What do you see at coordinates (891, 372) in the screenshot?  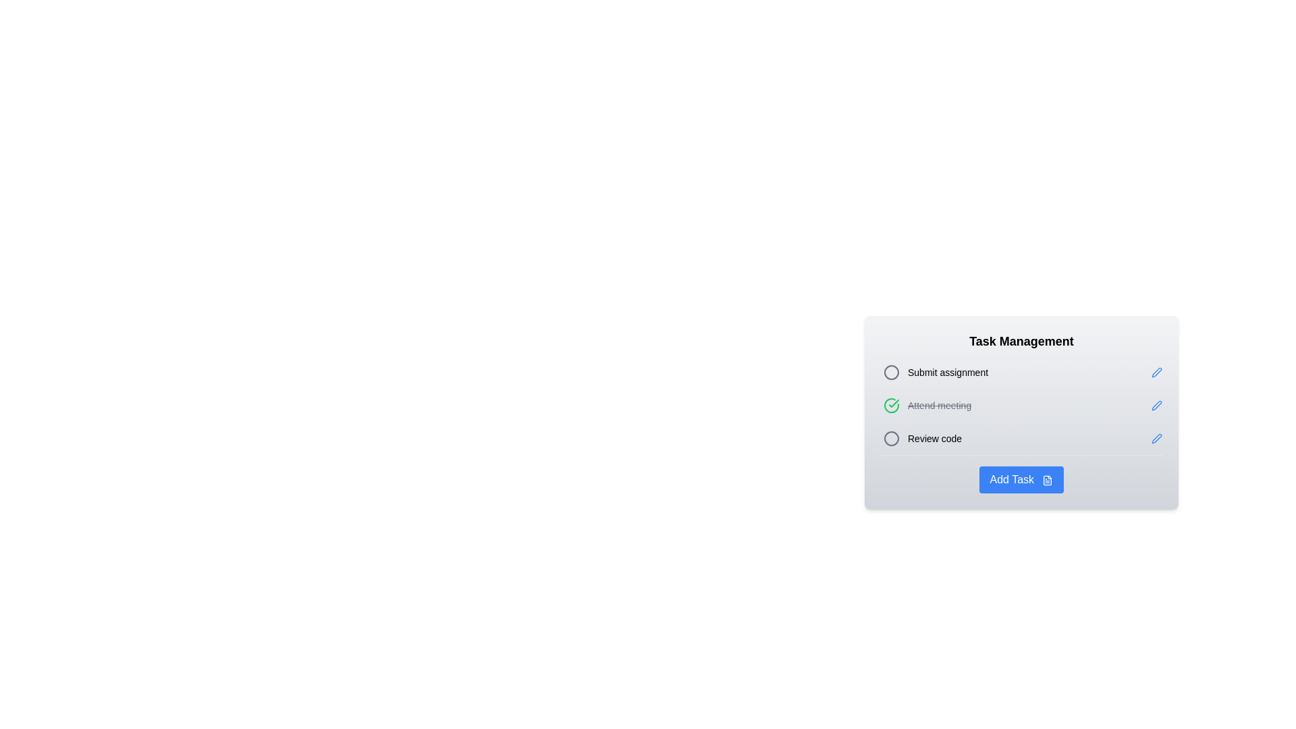 I see `the gray circular icon with a hollow center located next to the 'Submit assignment' task in the task management interface` at bounding box center [891, 372].